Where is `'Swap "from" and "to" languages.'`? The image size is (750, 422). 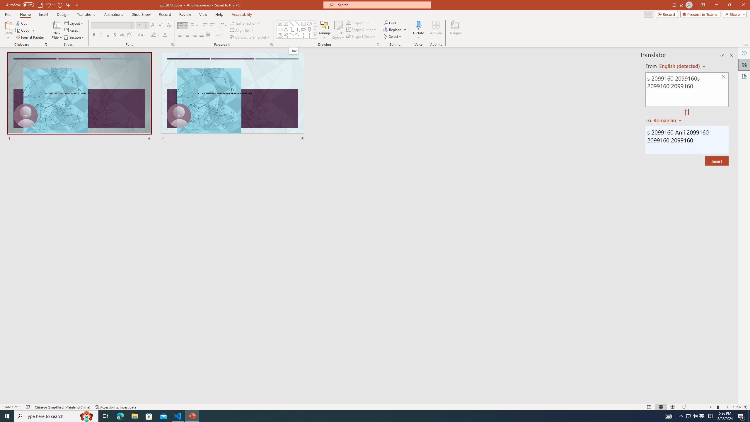 'Swap "from" and "to" languages.' is located at coordinates (686, 112).